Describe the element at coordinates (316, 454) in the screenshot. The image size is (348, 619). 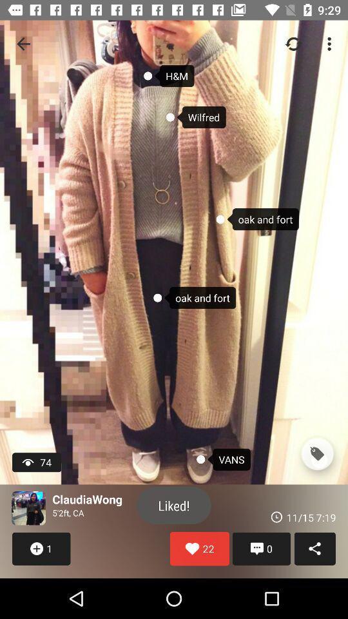
I see `the label icon` at that location.